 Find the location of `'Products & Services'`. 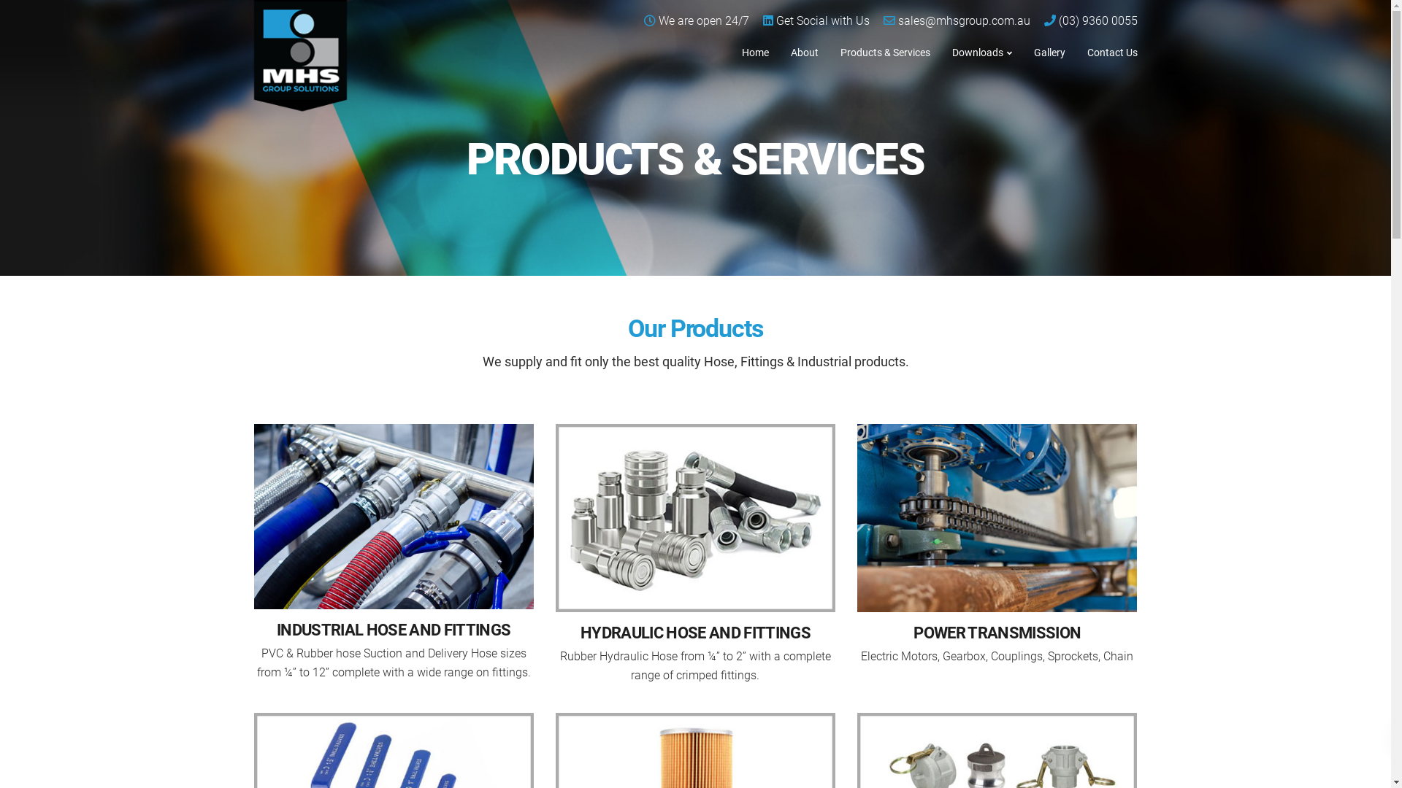

'Products & Services' is located at coordinates (884, 50).